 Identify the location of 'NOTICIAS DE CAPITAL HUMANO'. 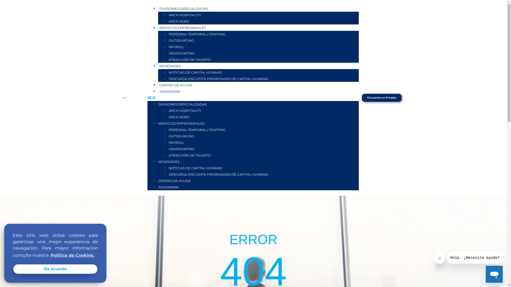
(168, 168).